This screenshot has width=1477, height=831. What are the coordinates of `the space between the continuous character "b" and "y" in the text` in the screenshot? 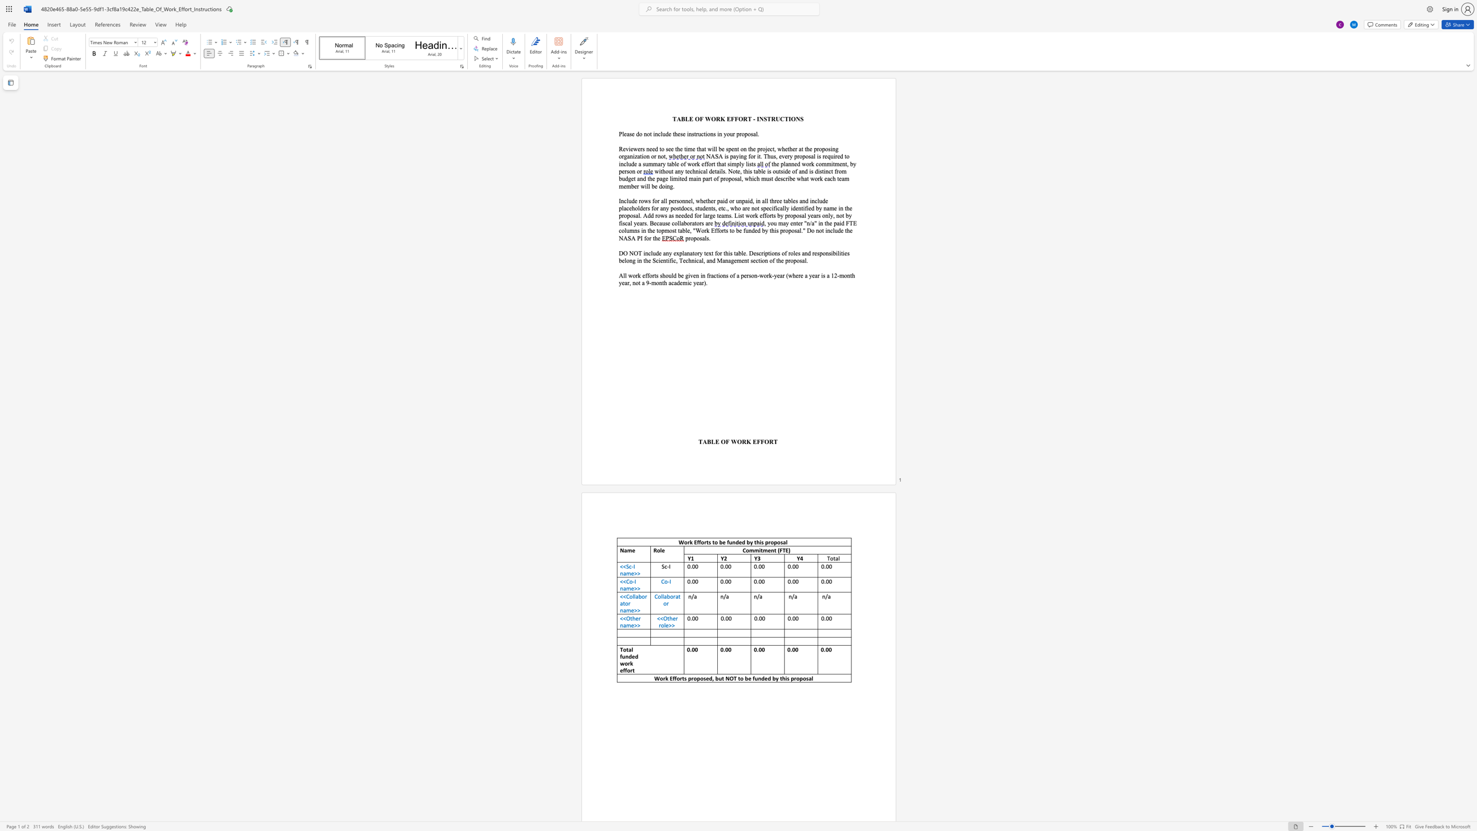 It's located at (853, 163).